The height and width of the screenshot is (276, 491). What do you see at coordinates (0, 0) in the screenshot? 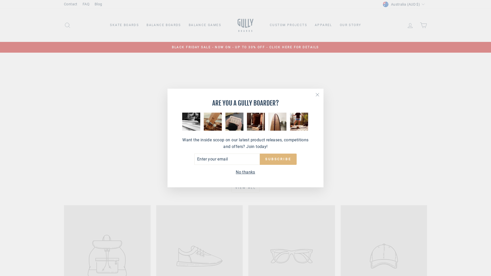
I see `'Skip to content'` at bounding box center [0, 0].